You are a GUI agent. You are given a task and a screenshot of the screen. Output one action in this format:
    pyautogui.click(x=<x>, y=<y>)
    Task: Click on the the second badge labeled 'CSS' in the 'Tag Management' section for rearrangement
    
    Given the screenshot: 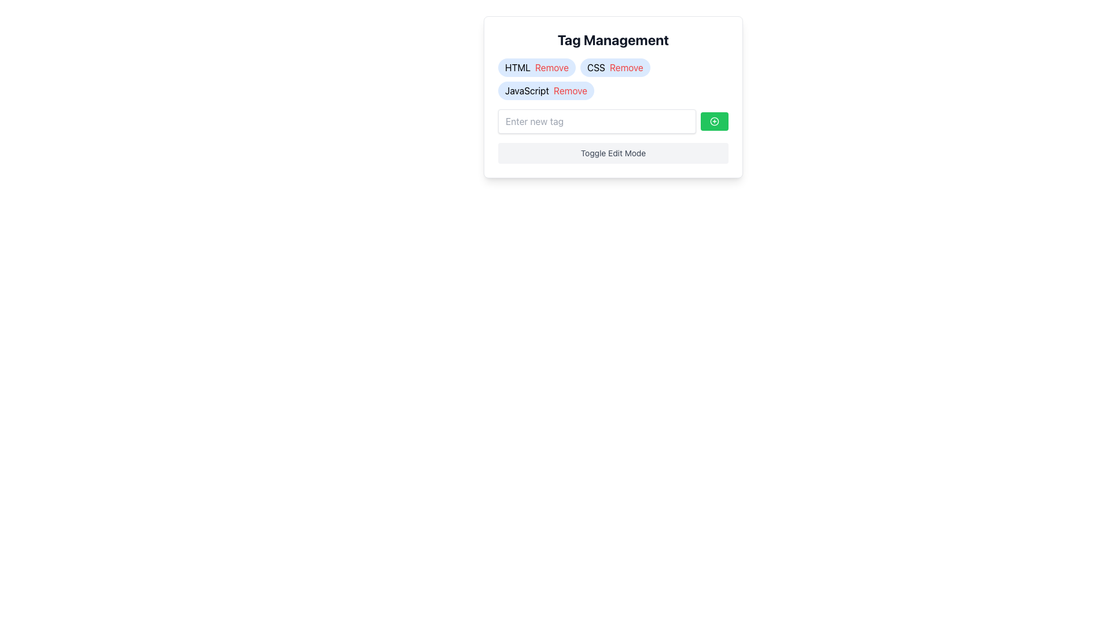 What is the action you would take?
    pyautogui.click(x=615, y=67)
    